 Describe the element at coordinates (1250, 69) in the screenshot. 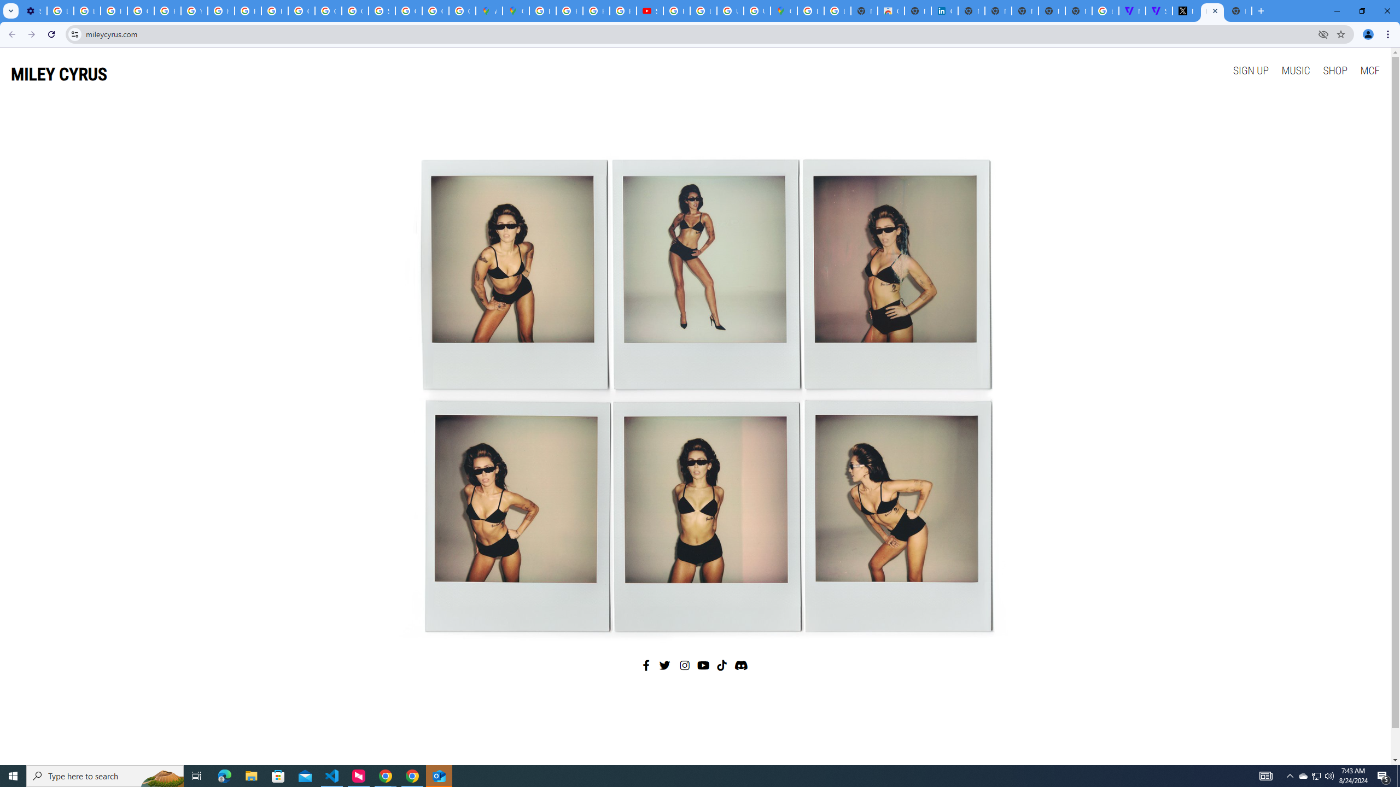

I see `'SIGN UP'` at that location.